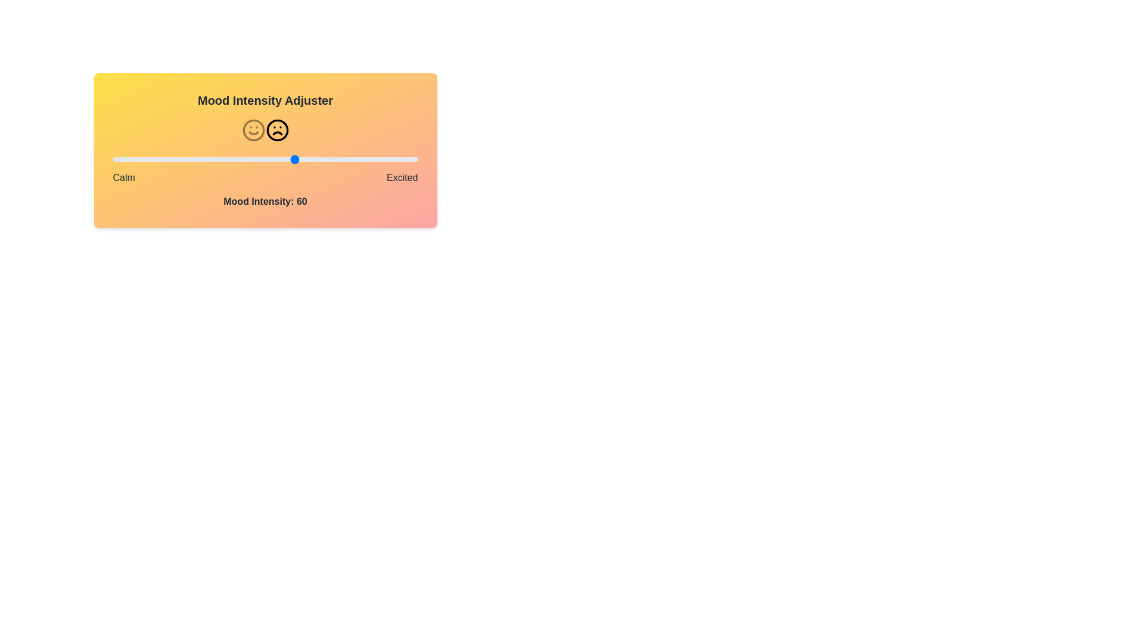 The image size is (1144, 643). What do you see at coordinates (188, 158) in the screenshot?
I see `the mood intensity slider to 25 (0 to 100)` at bounding box center [188, 158].